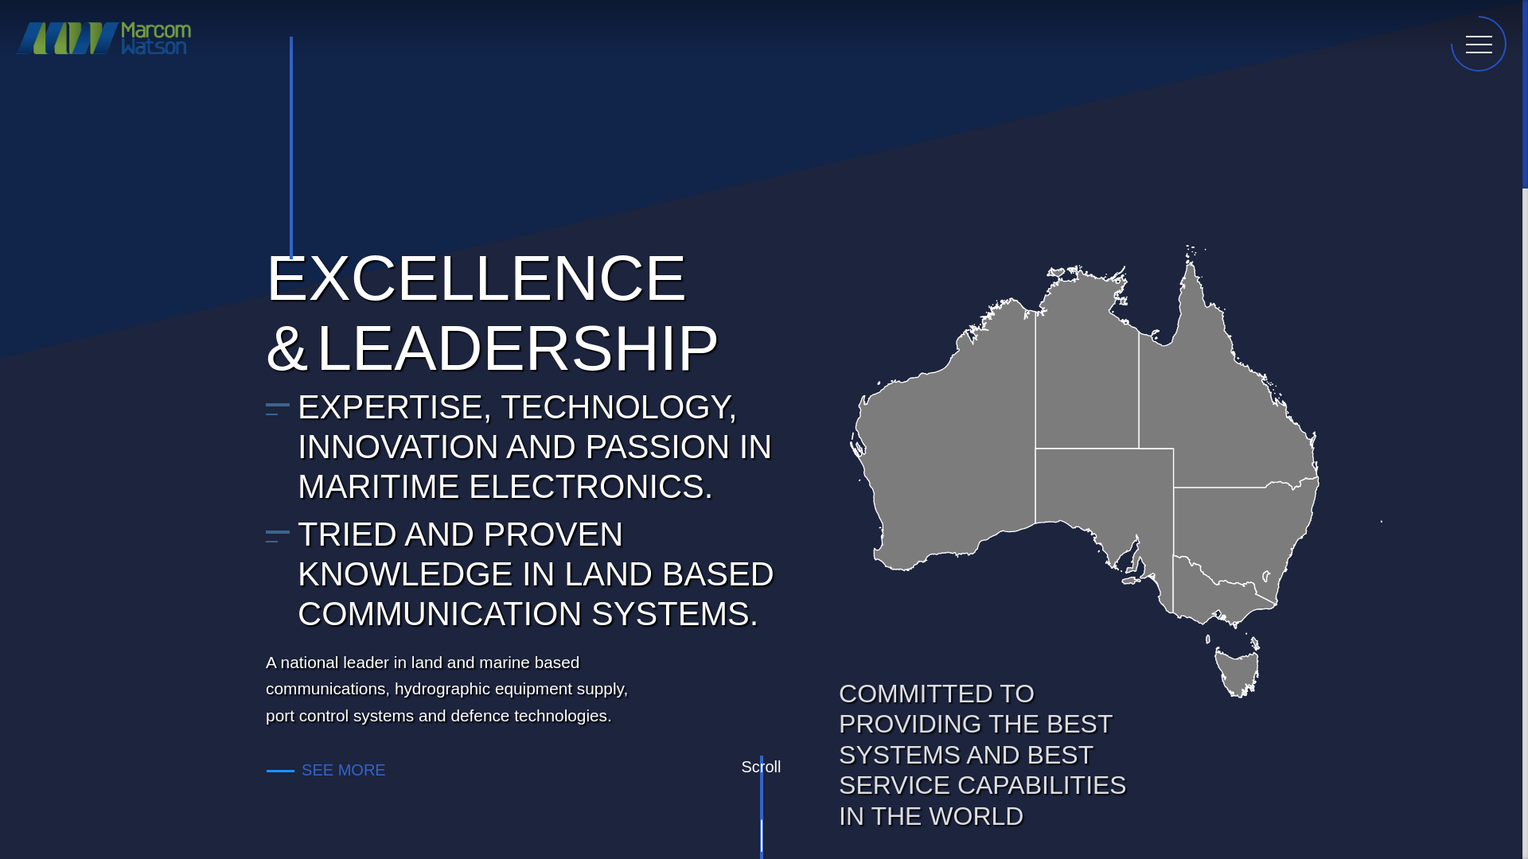 The width and height of the screenshot is (1528, 859). What do you see at coordinates (102, 55) in the screenshot?
I see `'Marcom Watson Logo'` at bounding box center [102, 55].